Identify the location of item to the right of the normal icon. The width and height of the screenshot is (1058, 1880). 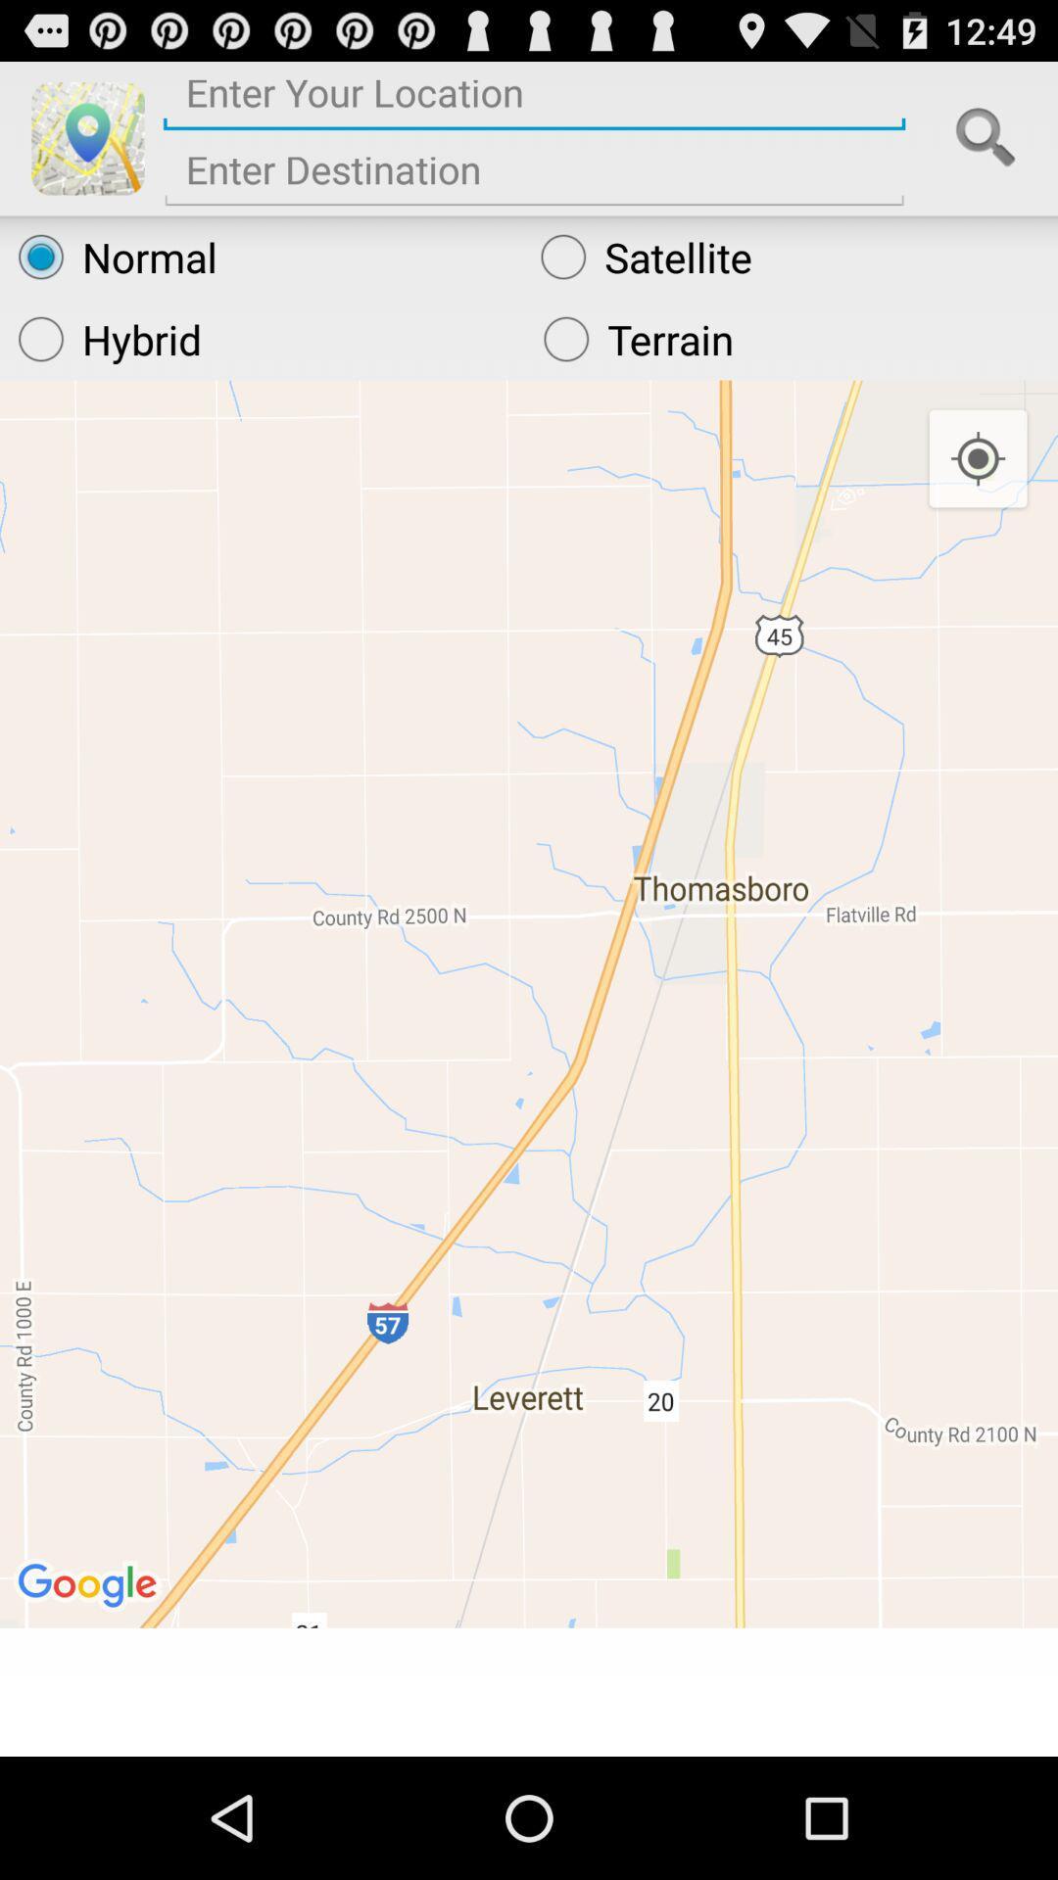
(789, 256).